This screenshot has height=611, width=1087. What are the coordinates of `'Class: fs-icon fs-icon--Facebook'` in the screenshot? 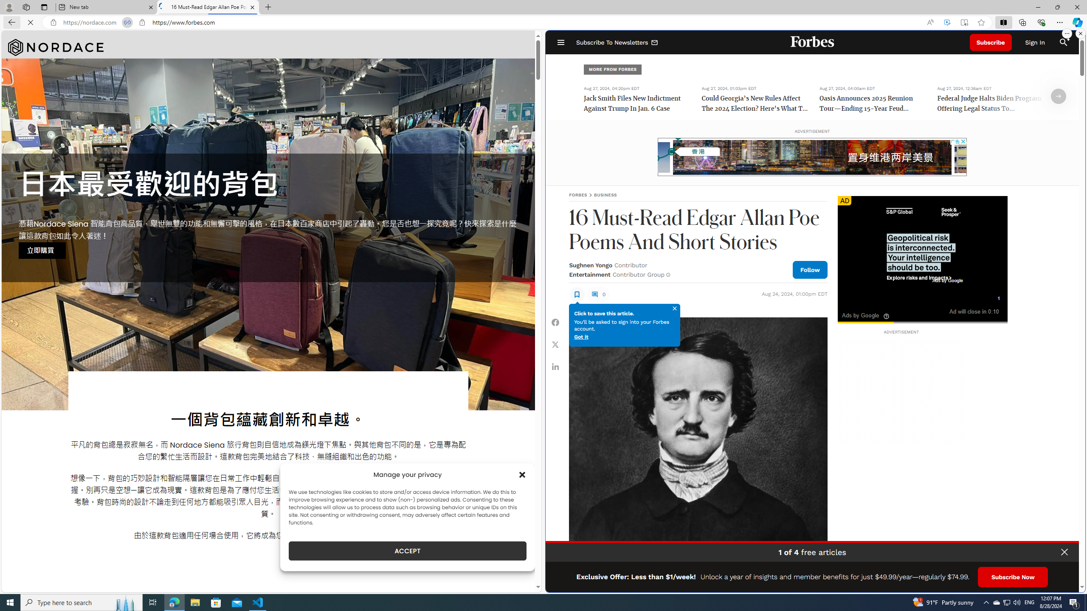 It's located at (555, 322).